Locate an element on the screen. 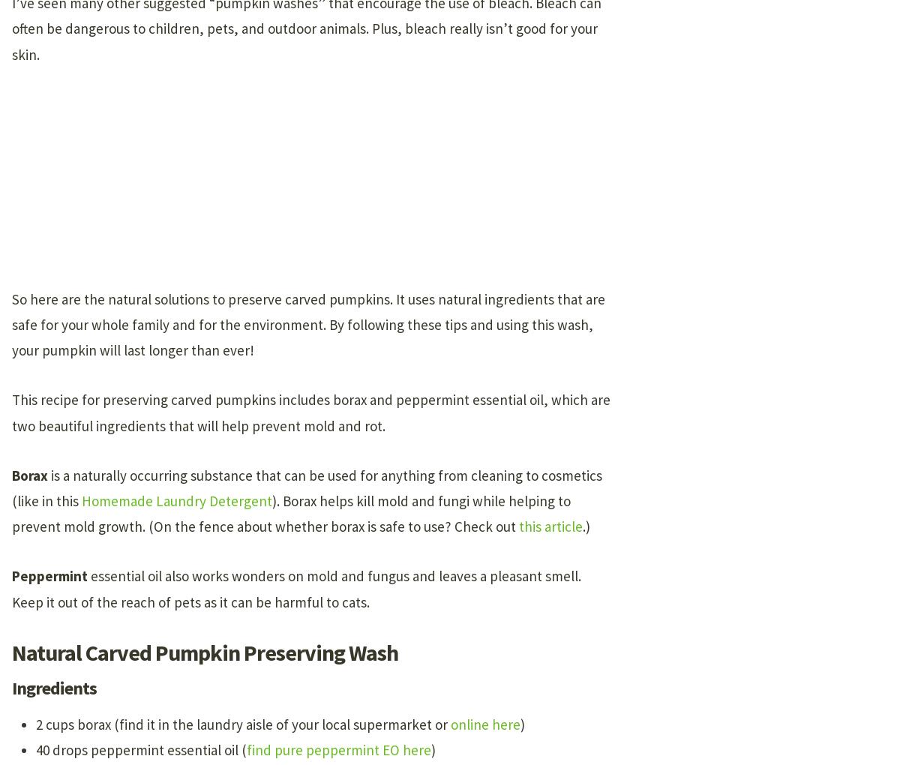 This screenshot has width=900, height=765. '). Borax helps kill mold and fungi while helping to prevent mold growth. (On the fence about whether borax is safe to use? Check out' is located at coordinates (291, 512).